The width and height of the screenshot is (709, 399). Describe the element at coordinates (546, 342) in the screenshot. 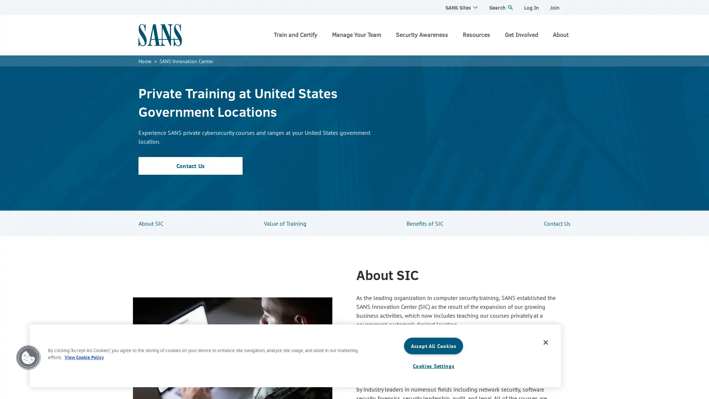

I see `Close` at that location.